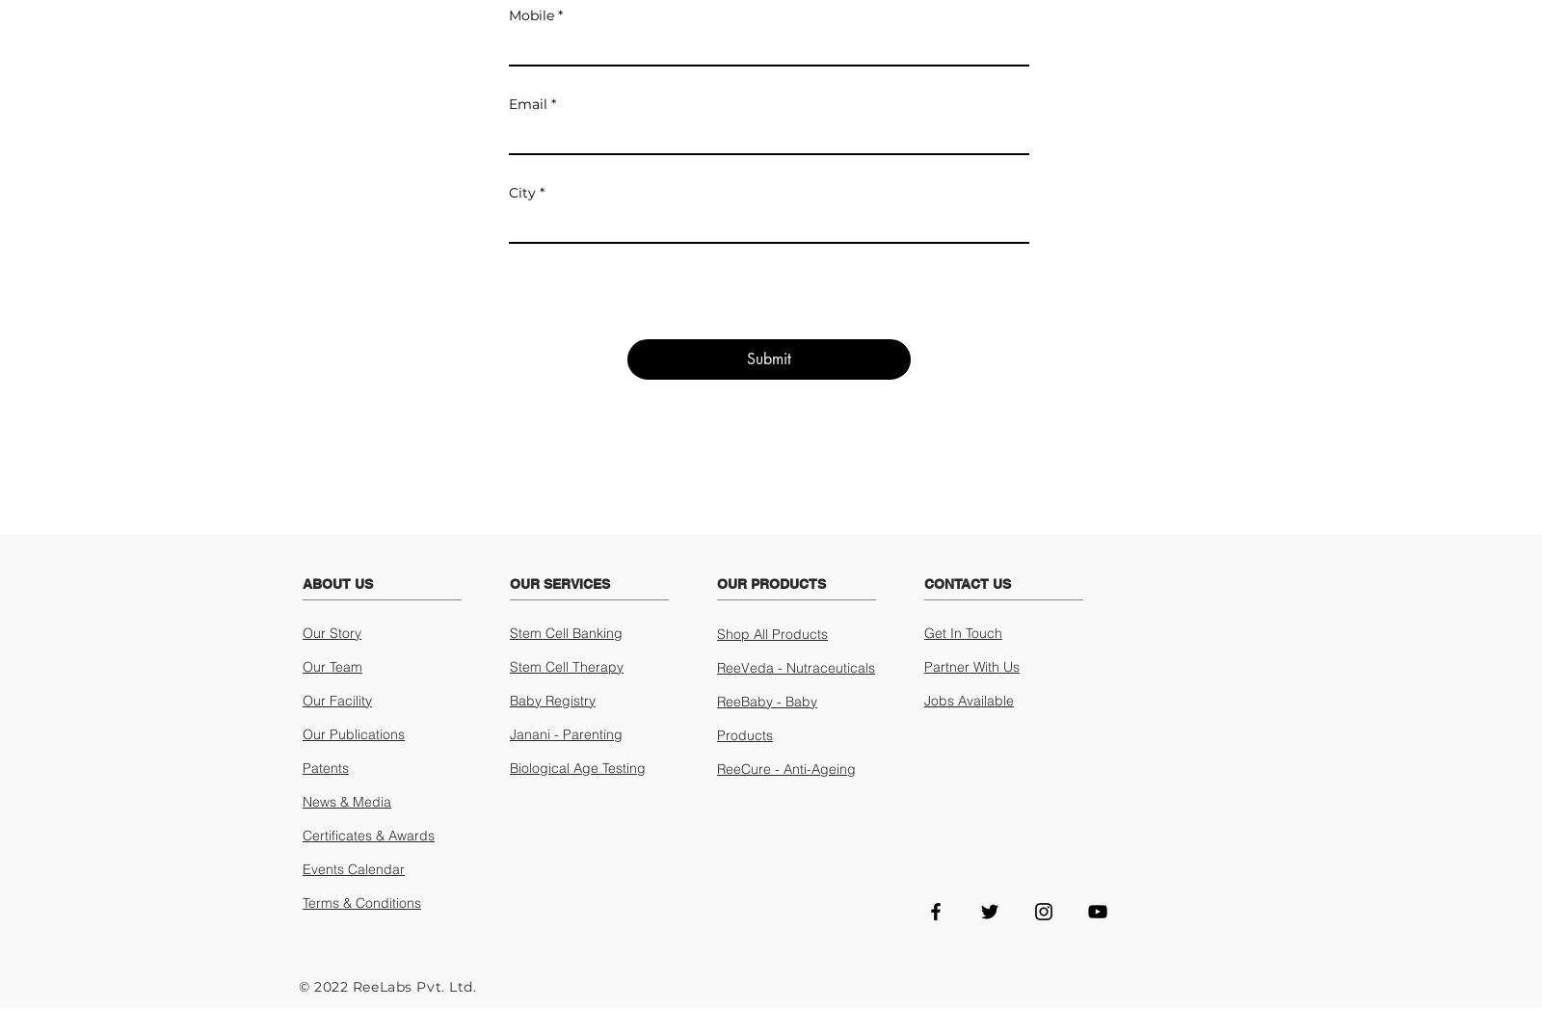  Describe the element at coordinates (558, 581) in the screenshot. I see `'OUR SERVICES'` at that location.